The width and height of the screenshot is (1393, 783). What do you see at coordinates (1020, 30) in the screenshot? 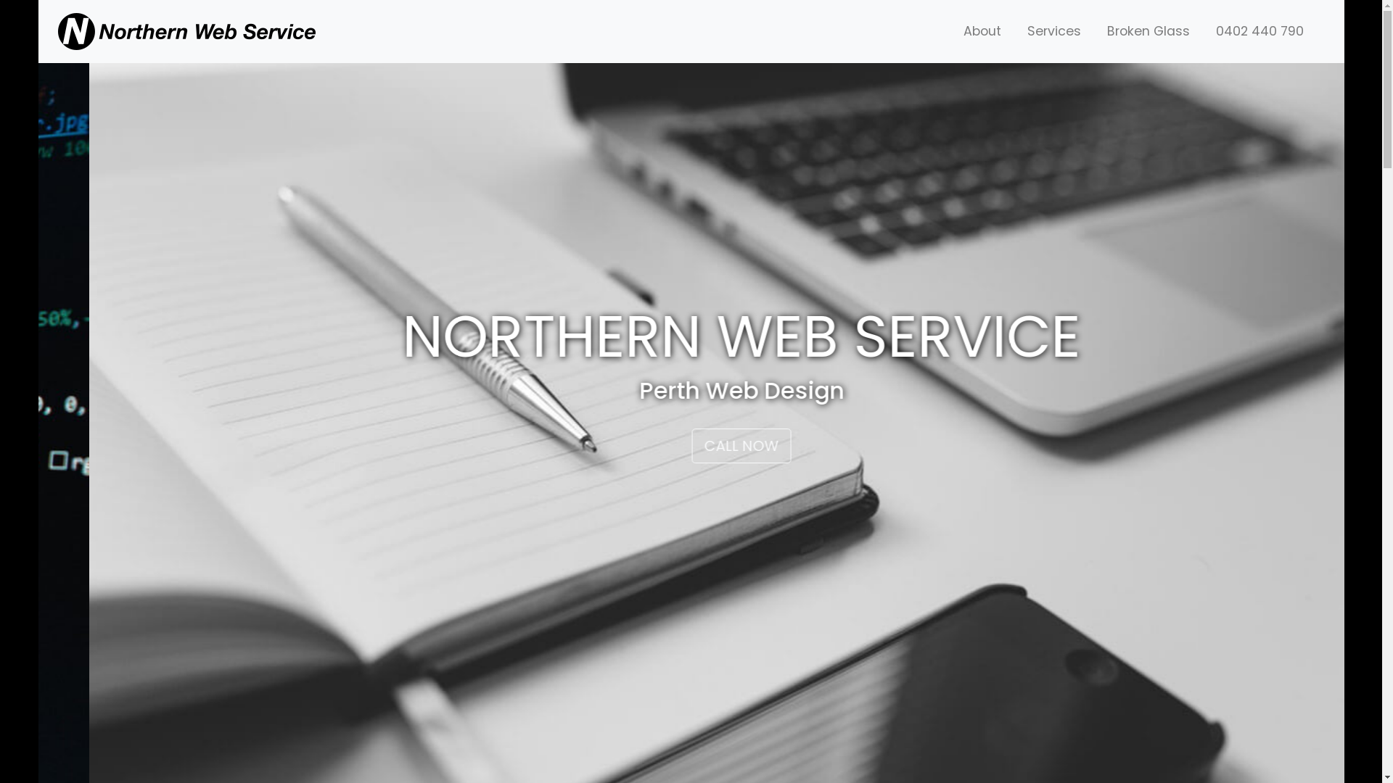
I see `'Services'` at bounding box center [1020, 30].